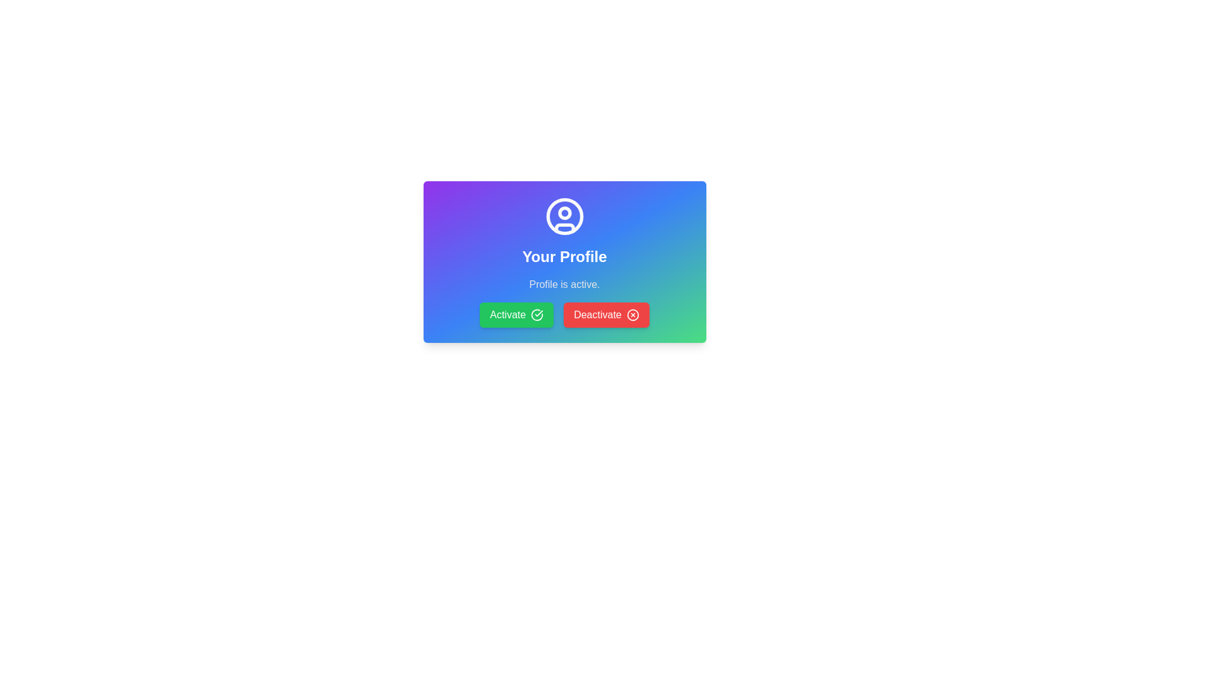 This screenshot has width=1212, height=682. What do you see at coordinates (564, 212) in the screenshot?
I see `the circular graphical shape element that represents the head within the user icon, located at the top-center of the interface labeled 'Your Profile'` at bounding box center [564, 212].